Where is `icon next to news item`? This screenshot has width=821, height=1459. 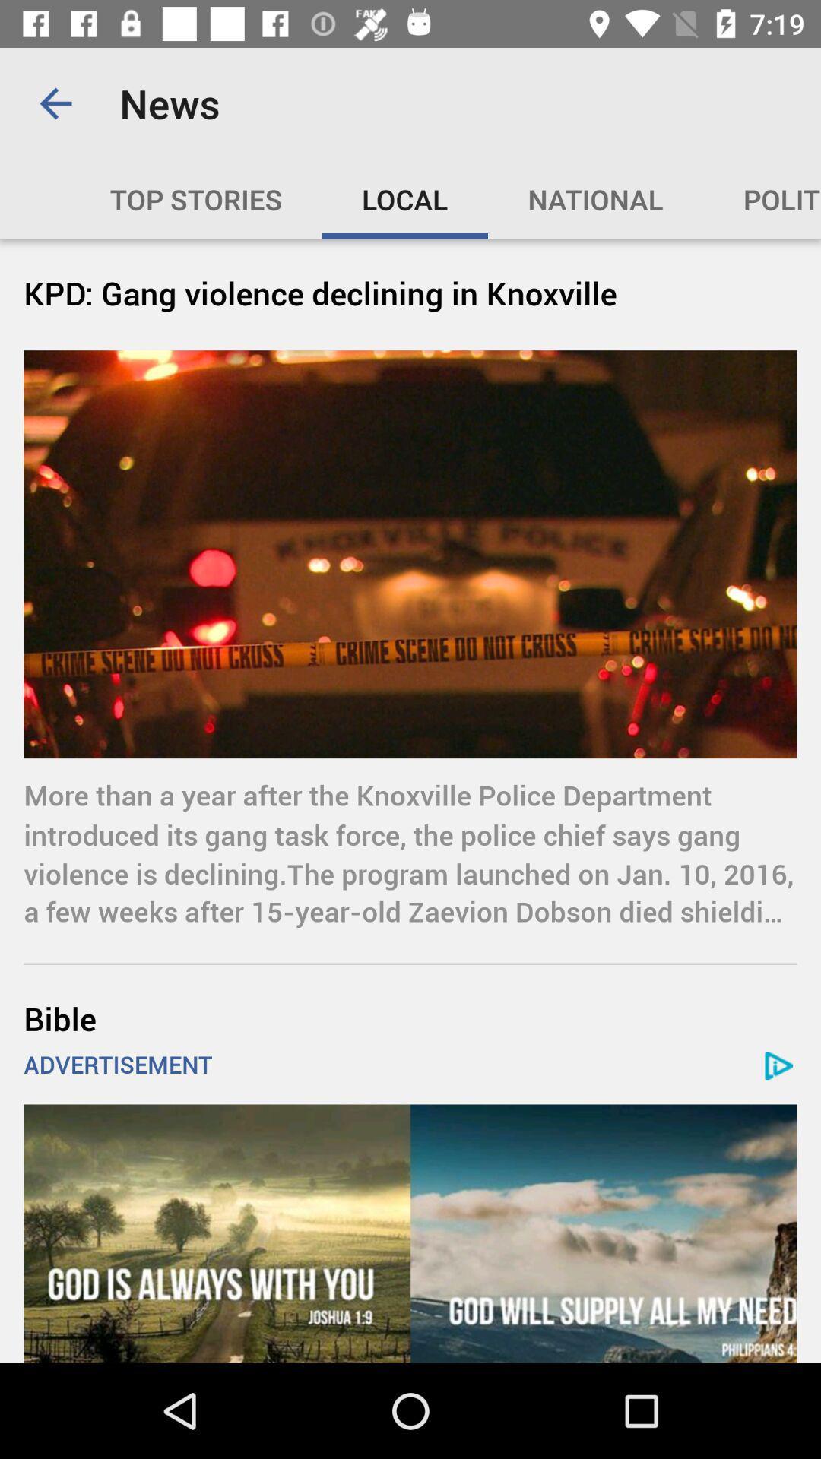
icon next to news item is located at coordinates (55, 103).